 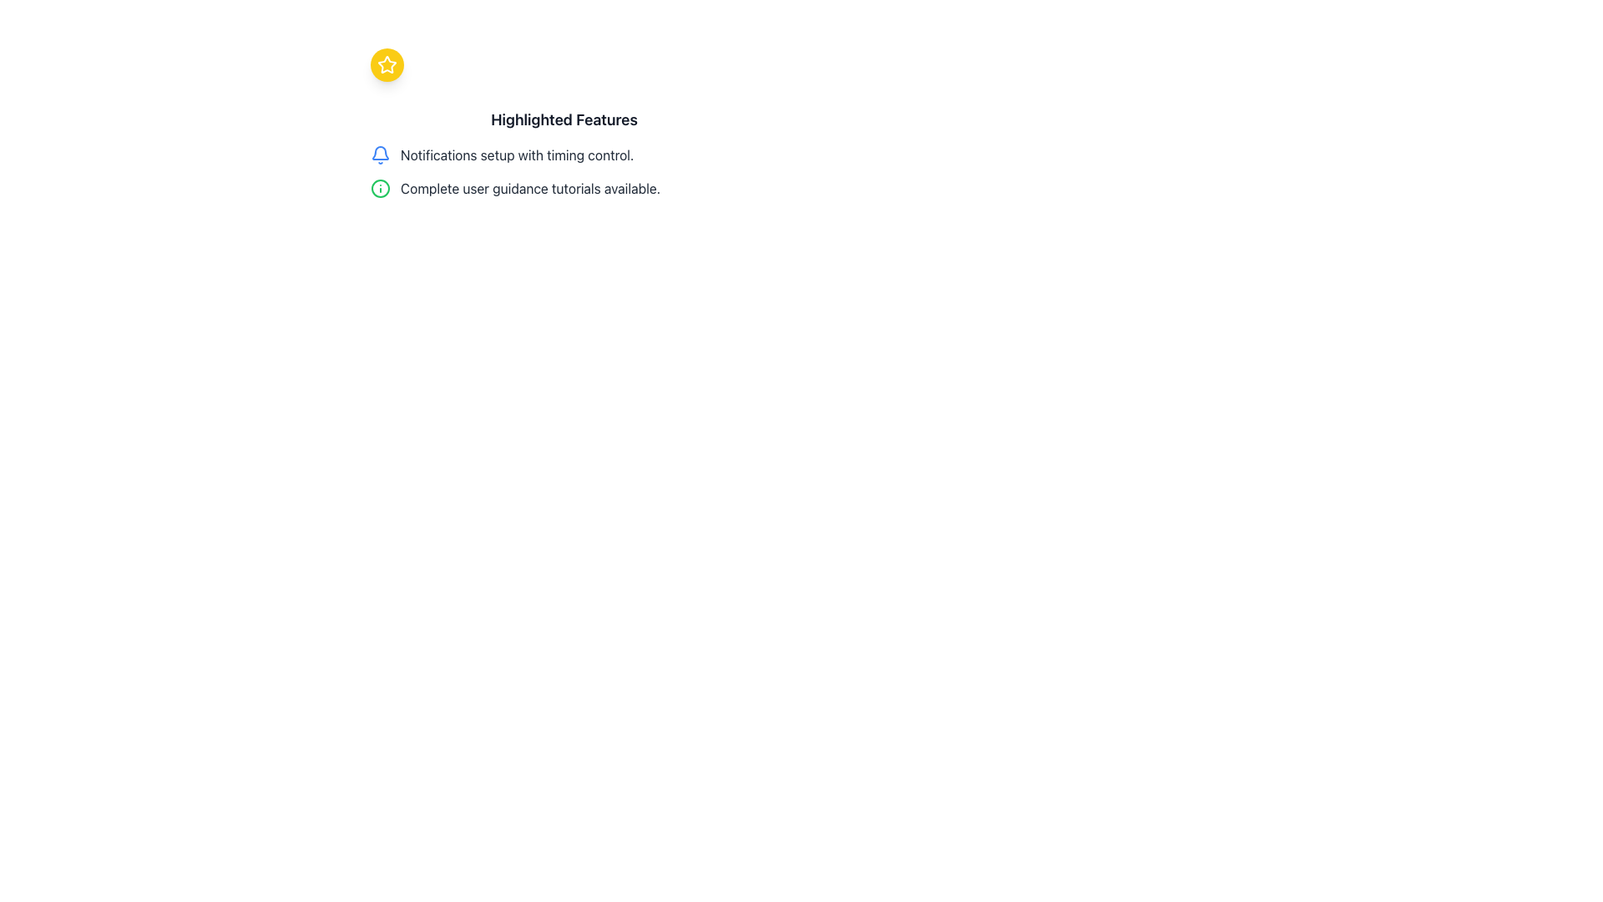 I want to click on the text element that indicates a feature description for notifications setup and control, positioned to the right of a blue bell icon, so click(x=516, y=155).